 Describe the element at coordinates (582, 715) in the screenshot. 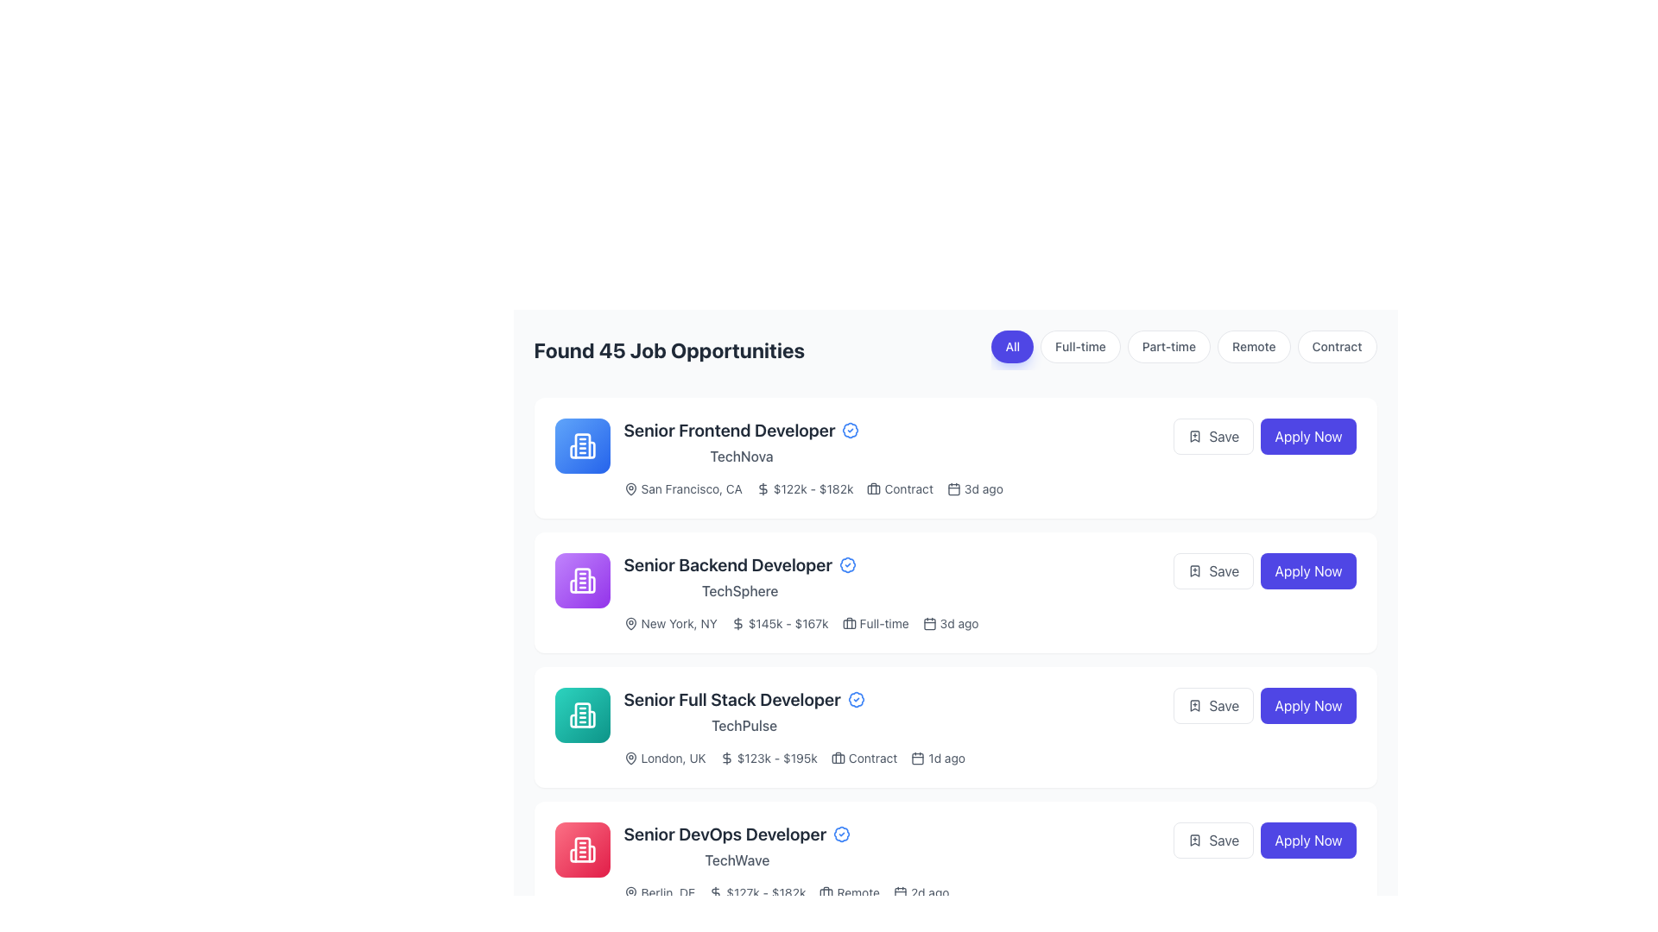

I see `the square-shaped icon with a gradient background and a white building pictogram, located at the top-left corner of the third job posting for 'Senior Full Stack Developer'` at that location.